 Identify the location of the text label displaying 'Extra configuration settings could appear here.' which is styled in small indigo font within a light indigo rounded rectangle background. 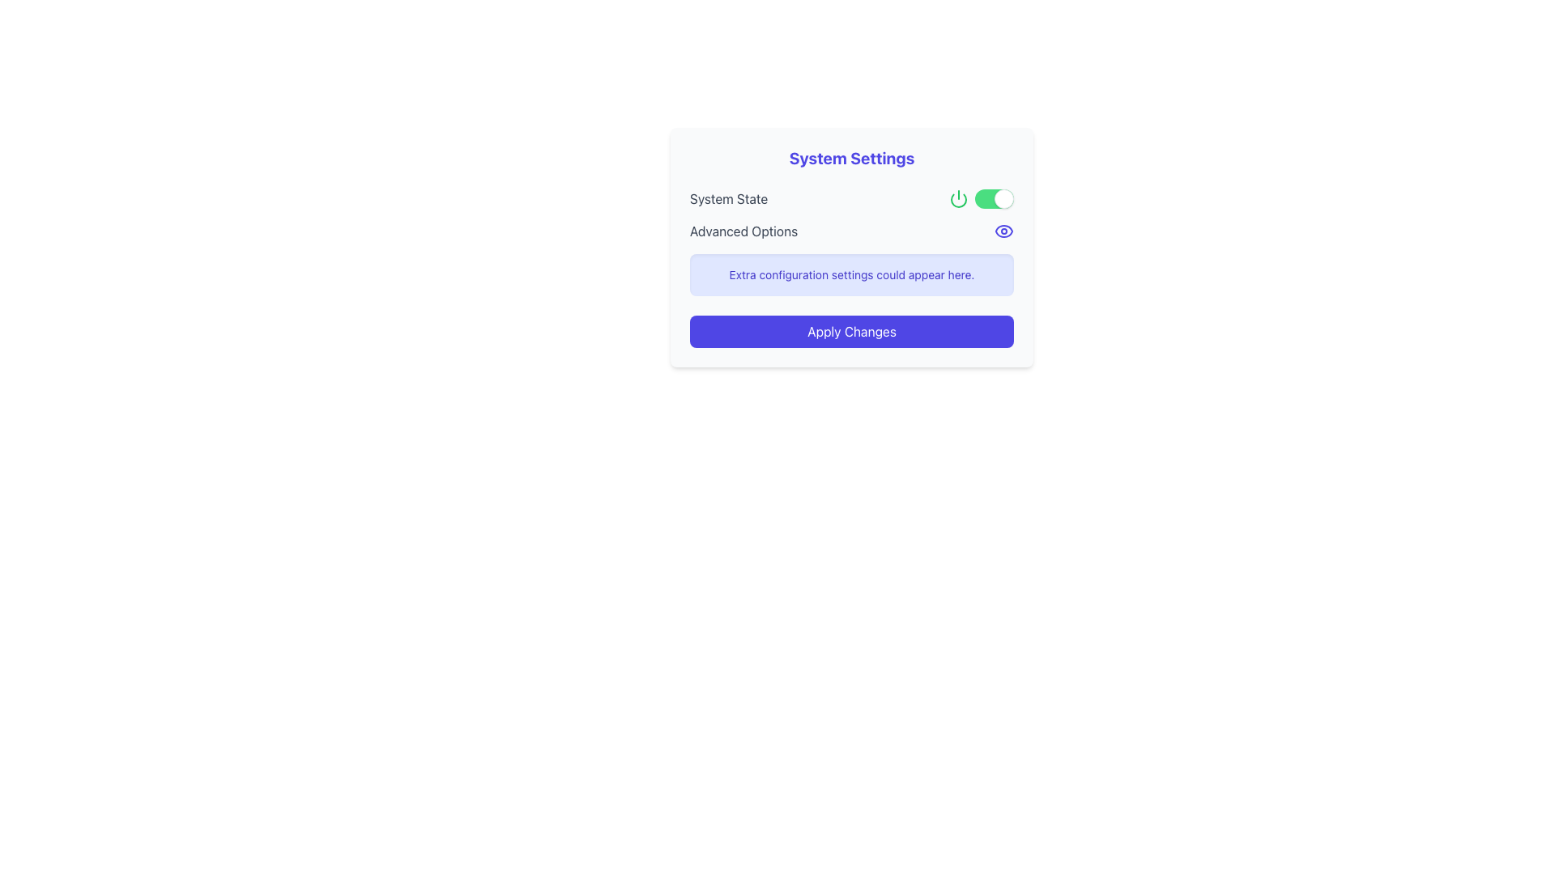
(850, 274).